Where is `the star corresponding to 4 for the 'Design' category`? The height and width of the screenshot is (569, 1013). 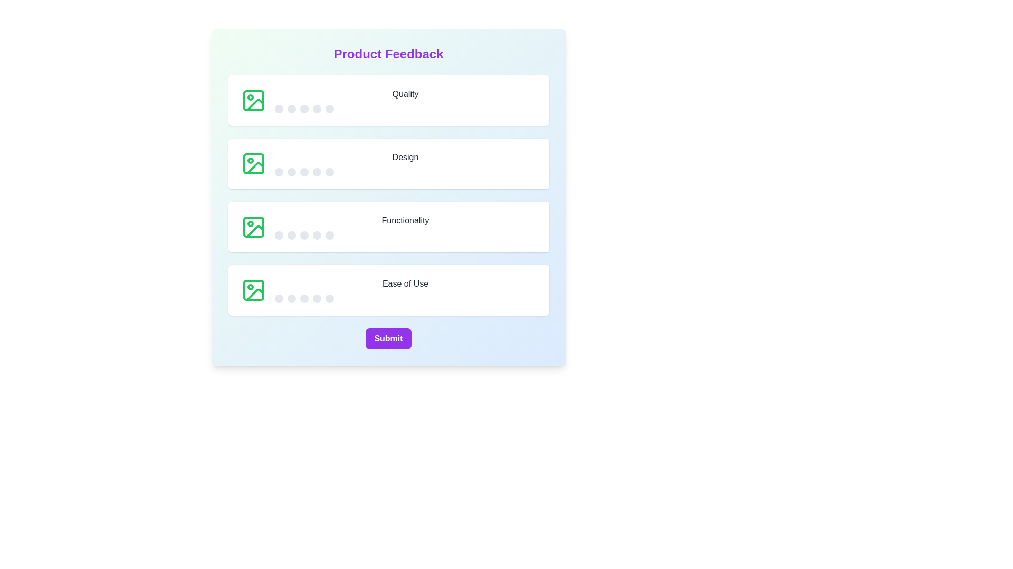 the star corresponding to 4 for the 'Design' category is located at coordinates (316, 172).